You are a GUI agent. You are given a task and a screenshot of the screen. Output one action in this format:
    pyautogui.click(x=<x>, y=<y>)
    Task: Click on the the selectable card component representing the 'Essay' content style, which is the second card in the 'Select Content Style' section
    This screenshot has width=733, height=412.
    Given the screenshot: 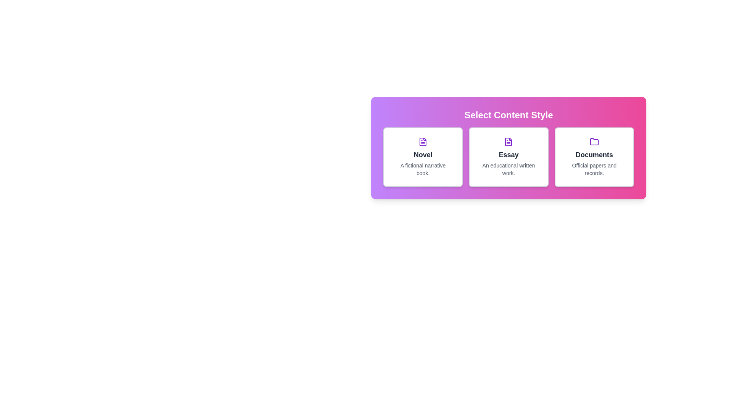 What is the action you would take?
    pyautogui.click(x=509, y=157)
    